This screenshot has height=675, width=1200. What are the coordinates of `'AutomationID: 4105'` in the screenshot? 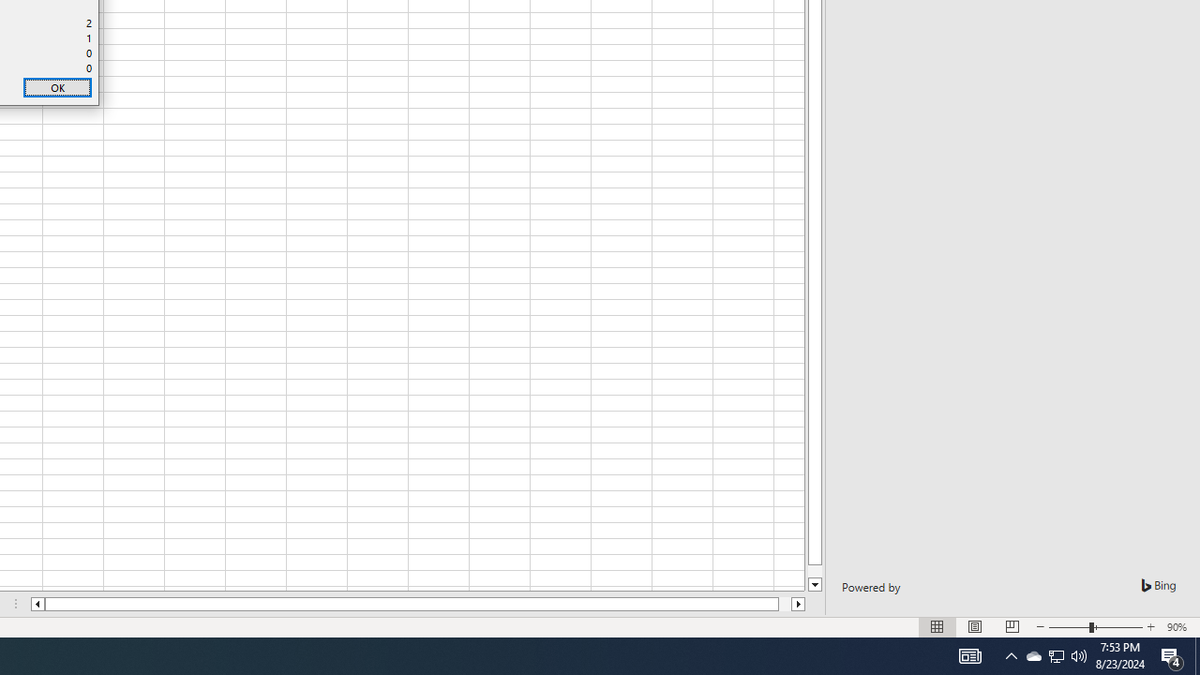 It's located at (969, 654).